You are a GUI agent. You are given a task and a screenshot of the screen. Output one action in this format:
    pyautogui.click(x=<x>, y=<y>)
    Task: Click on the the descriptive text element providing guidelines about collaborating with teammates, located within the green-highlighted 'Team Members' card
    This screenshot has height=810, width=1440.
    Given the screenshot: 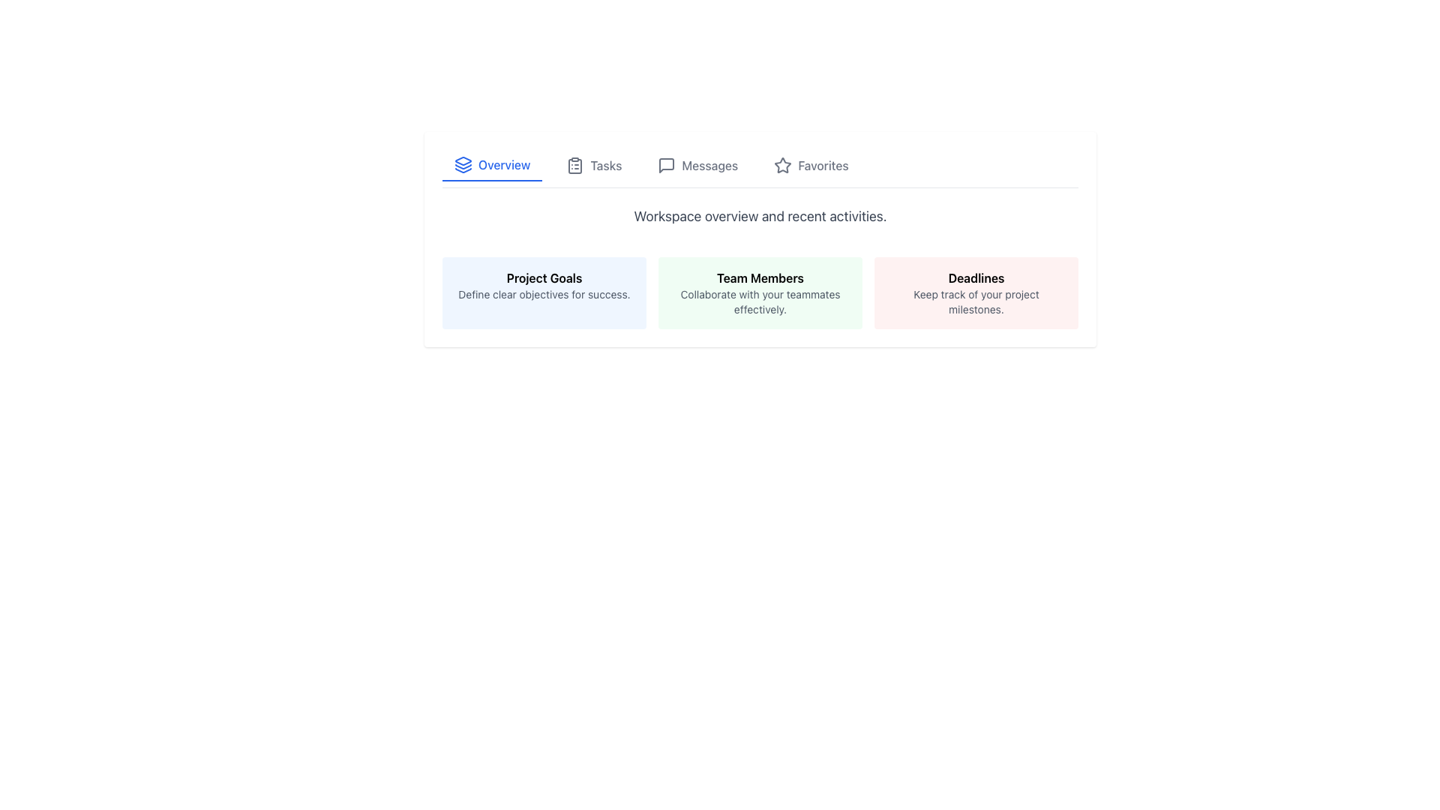 What is the action you would take?
    pyautogui.click(x=760, y=301)
    